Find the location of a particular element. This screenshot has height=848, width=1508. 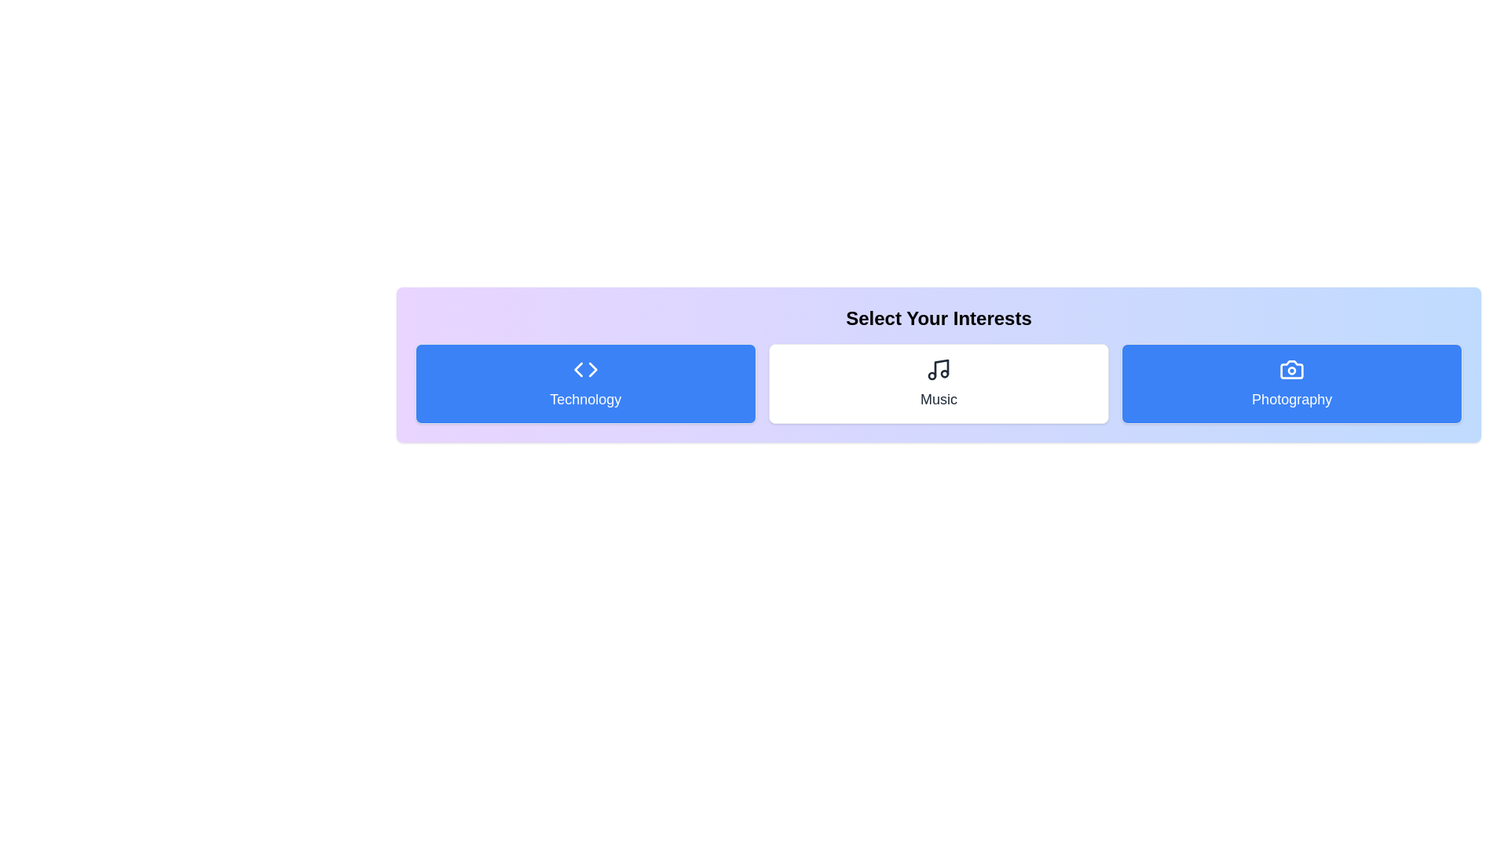

the category button corresponding to Photography is located at coordinates (1292, 384).